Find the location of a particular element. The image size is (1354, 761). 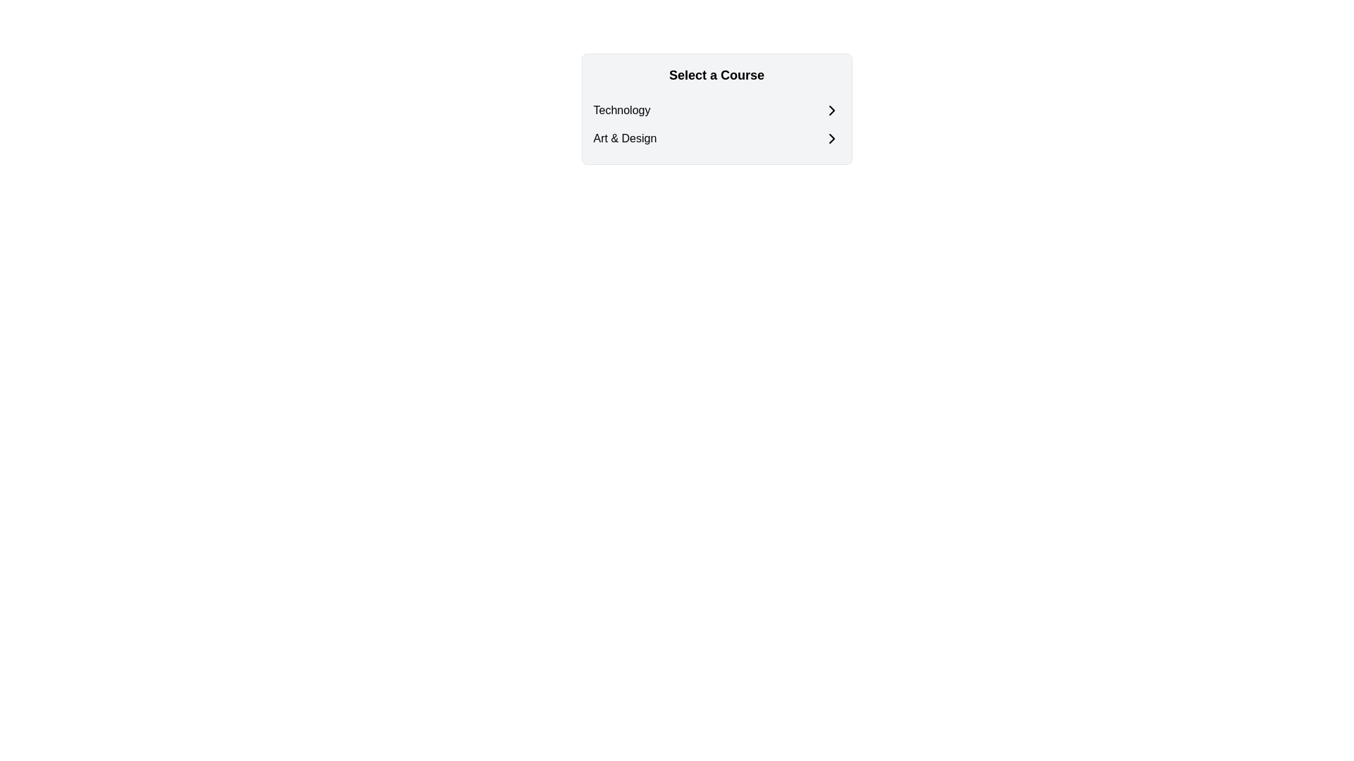

the 'Technology' button within the 'Select a Course' menu is located at coordinates (716, 110).